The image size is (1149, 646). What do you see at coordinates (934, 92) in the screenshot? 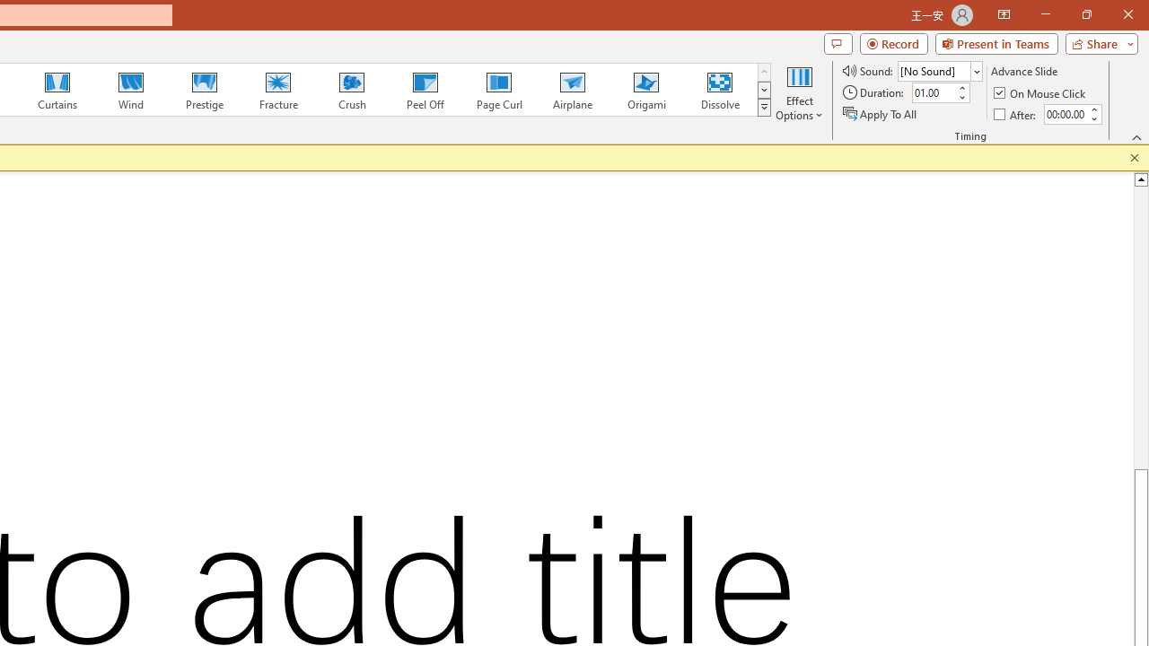
I see `'Duration'` at bounding box center [934, 92].